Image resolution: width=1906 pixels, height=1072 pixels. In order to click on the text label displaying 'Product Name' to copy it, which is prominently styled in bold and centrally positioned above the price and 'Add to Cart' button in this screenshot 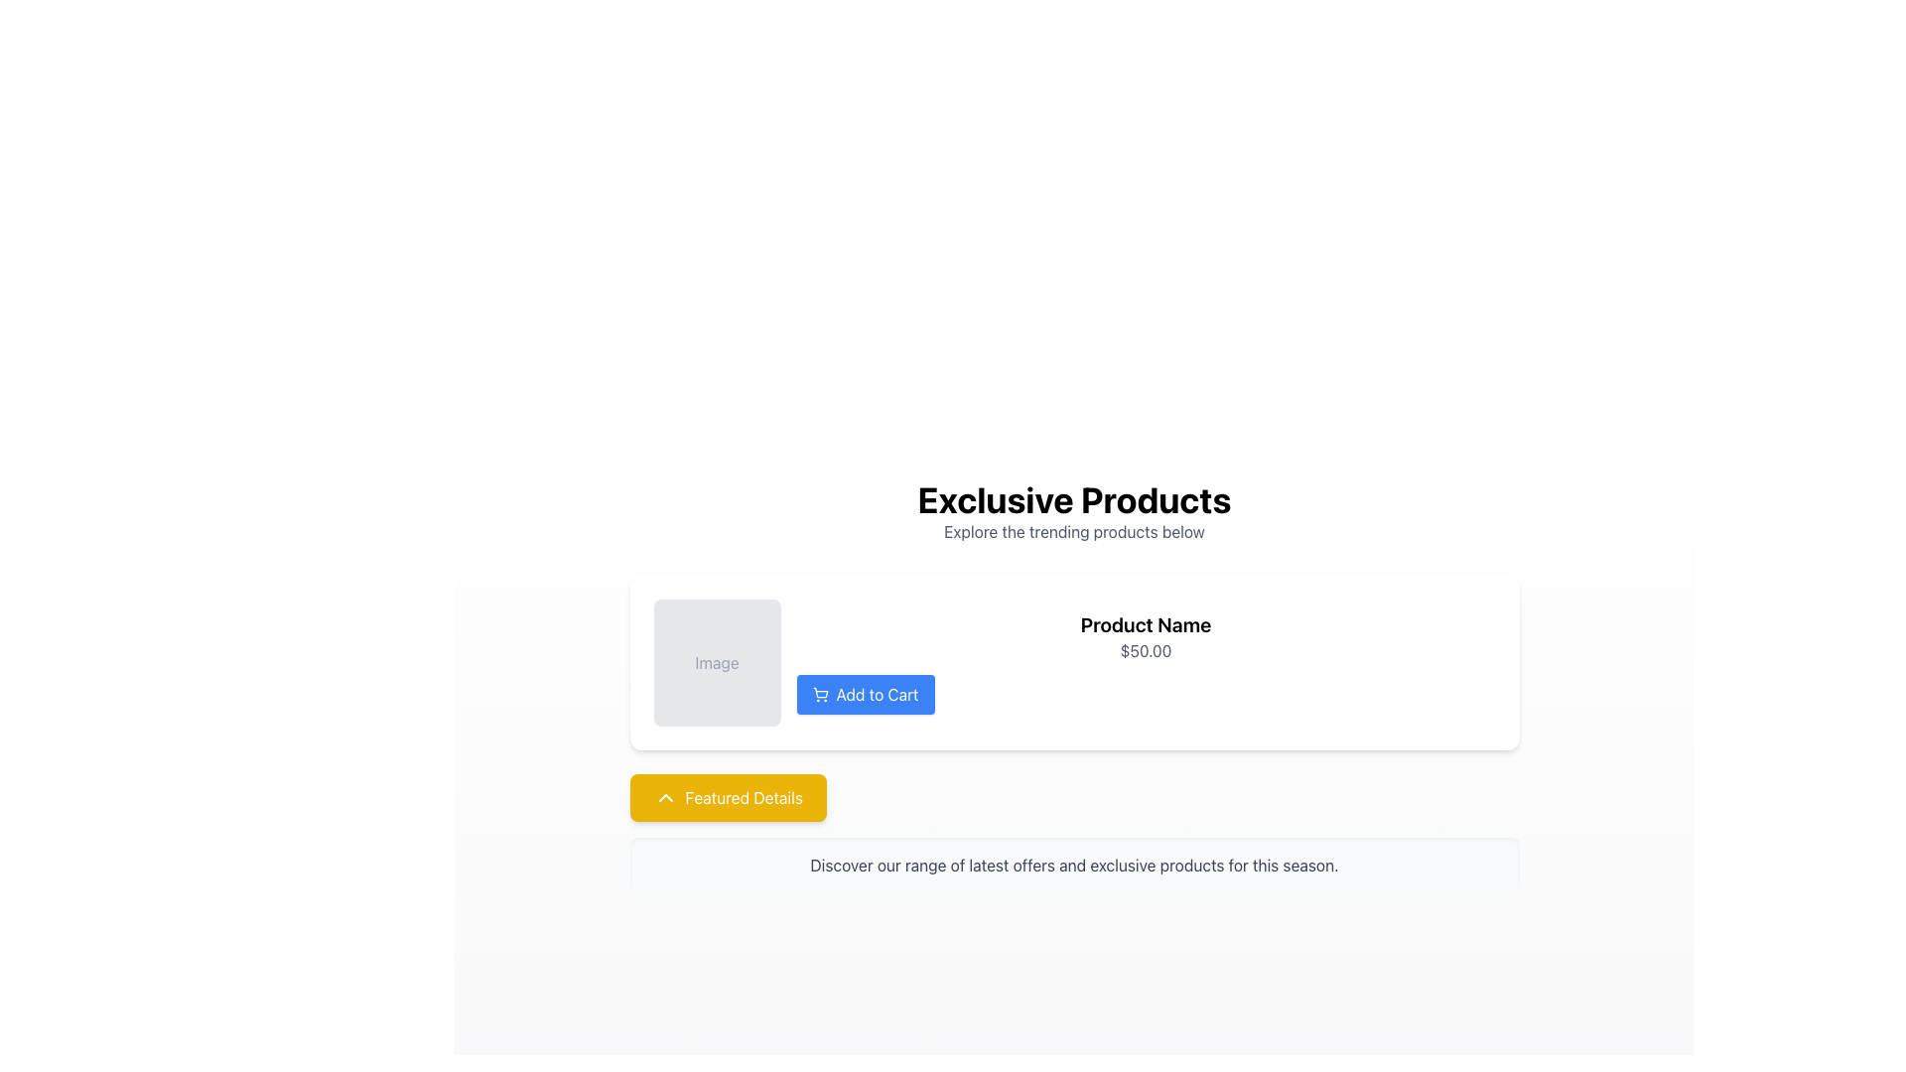, I will do `click(1146, 623)`.